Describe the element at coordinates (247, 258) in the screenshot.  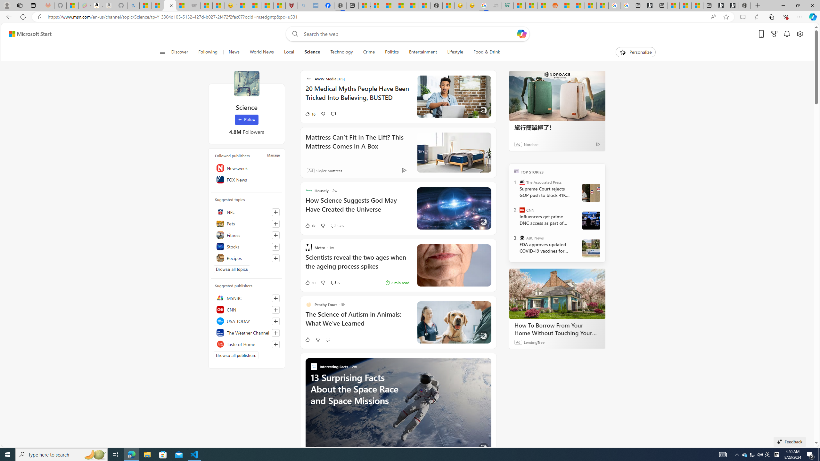
I see `'Recipes'` at that location.